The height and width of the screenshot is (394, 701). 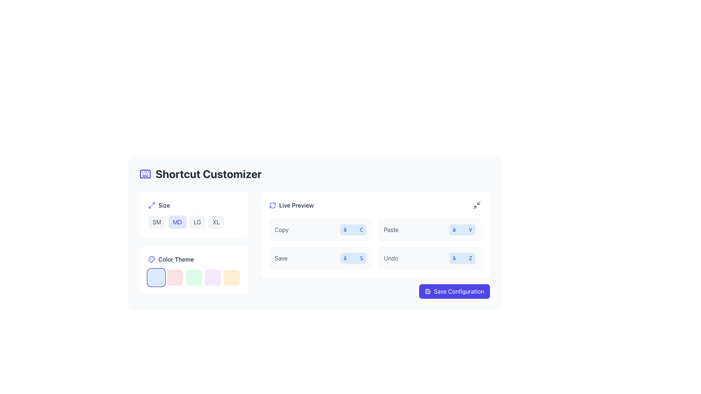 I want to click on the 'MD' button in the Interactive selection panel labeled 'Size', so click(x=194, y=215).